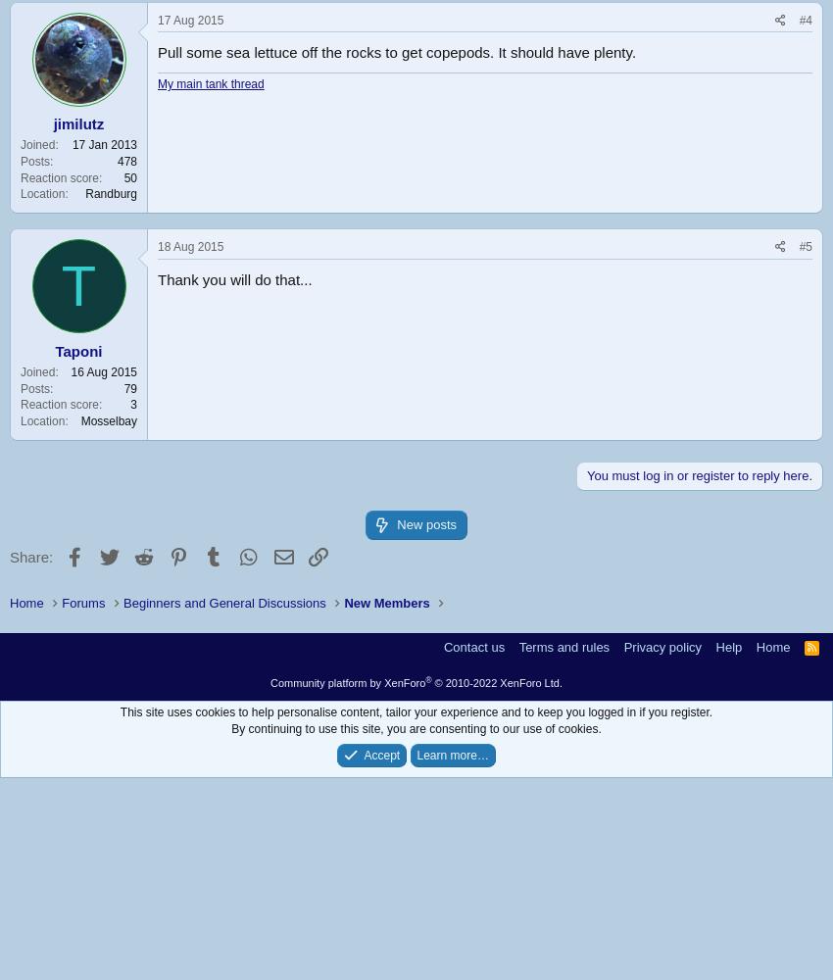  What do you see at coordinates (133, 405) in the screenshot?
I see `'3'` at bounding box center [133, 405].